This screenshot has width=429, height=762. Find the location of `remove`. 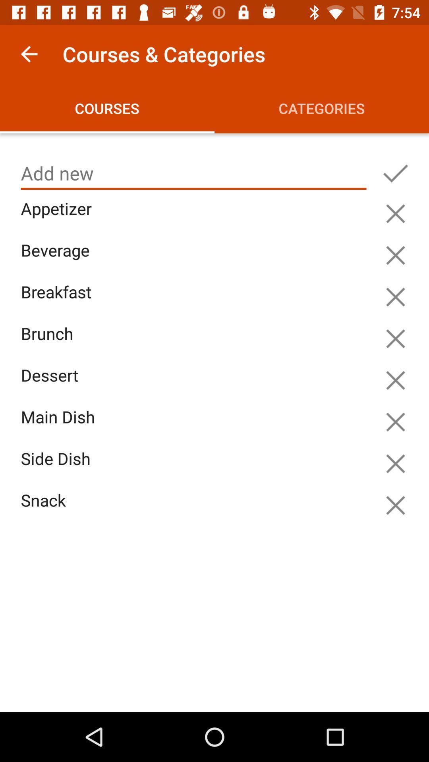

remove is located at coordinates (395, 505).